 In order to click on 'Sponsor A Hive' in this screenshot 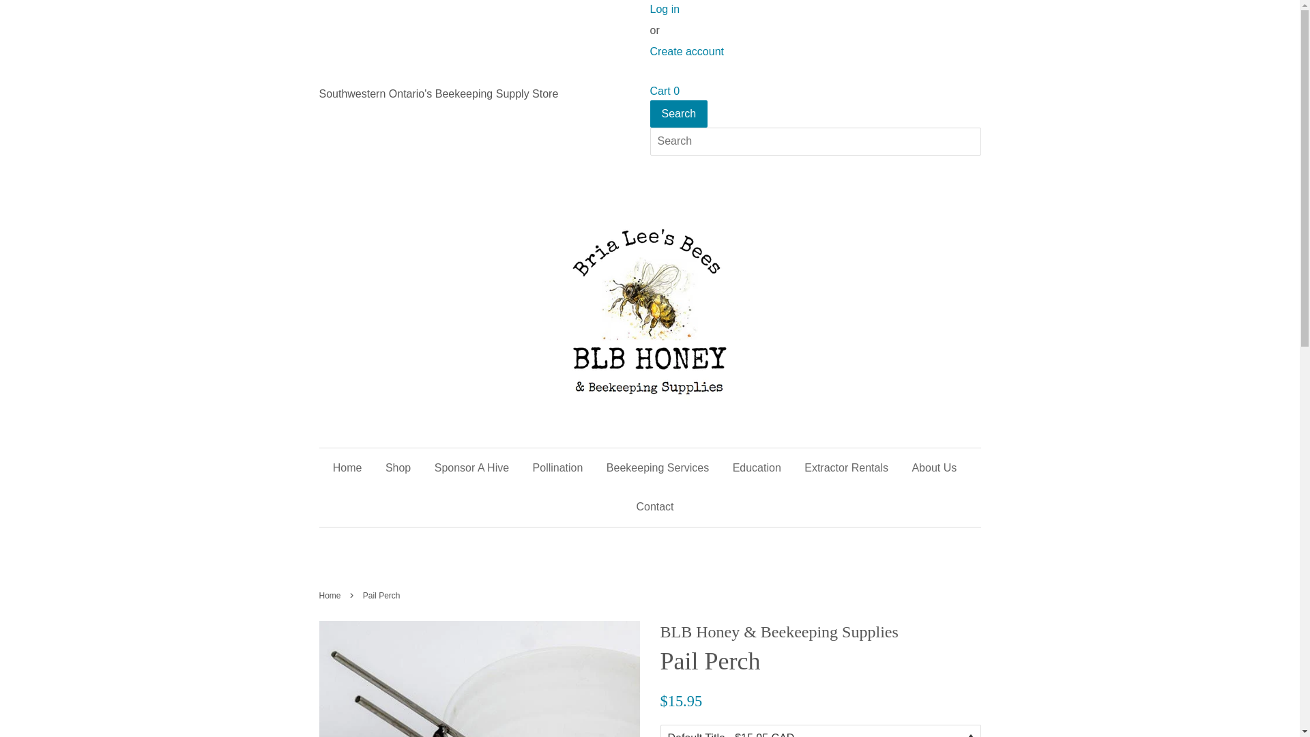, I will do `click(471, 467)`.